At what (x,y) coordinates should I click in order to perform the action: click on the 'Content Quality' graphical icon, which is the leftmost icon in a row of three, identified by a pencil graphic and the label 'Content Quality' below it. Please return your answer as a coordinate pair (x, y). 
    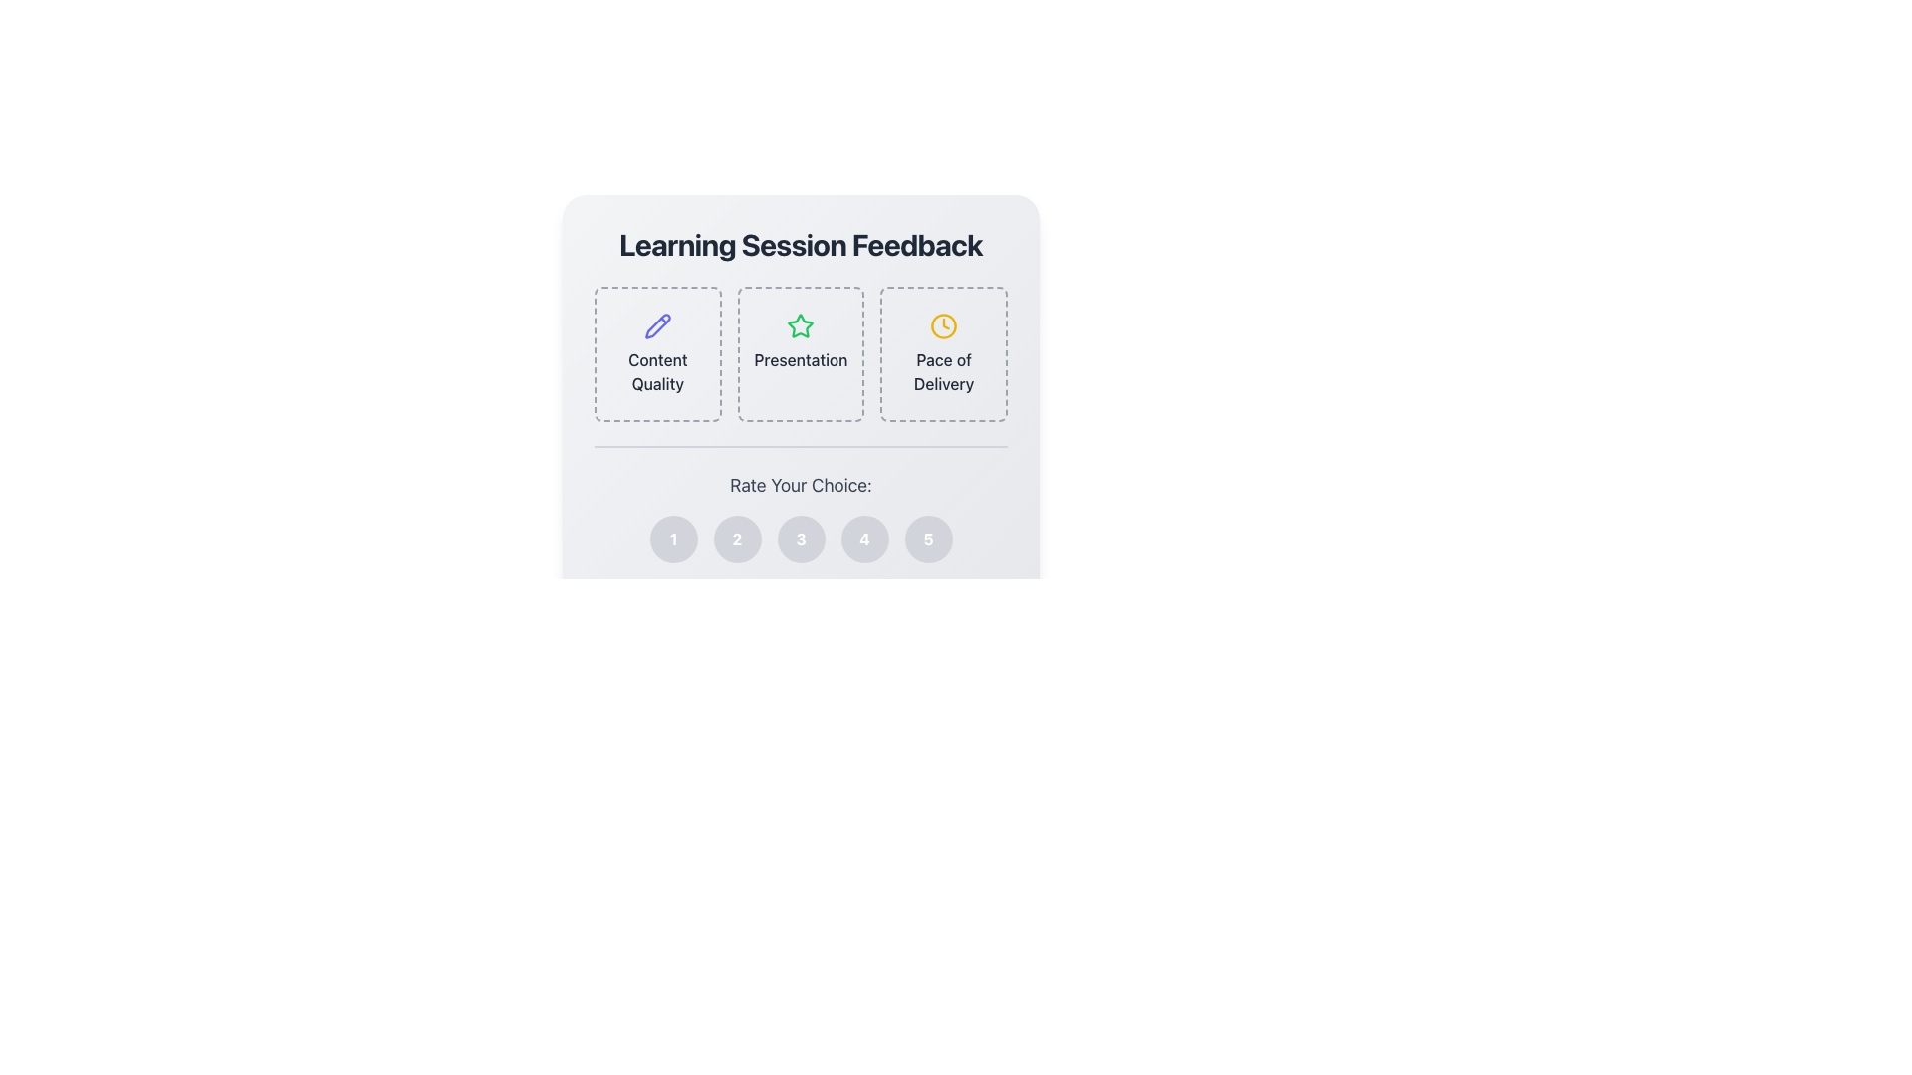
    Looking at the image, I should click on (657, 324).